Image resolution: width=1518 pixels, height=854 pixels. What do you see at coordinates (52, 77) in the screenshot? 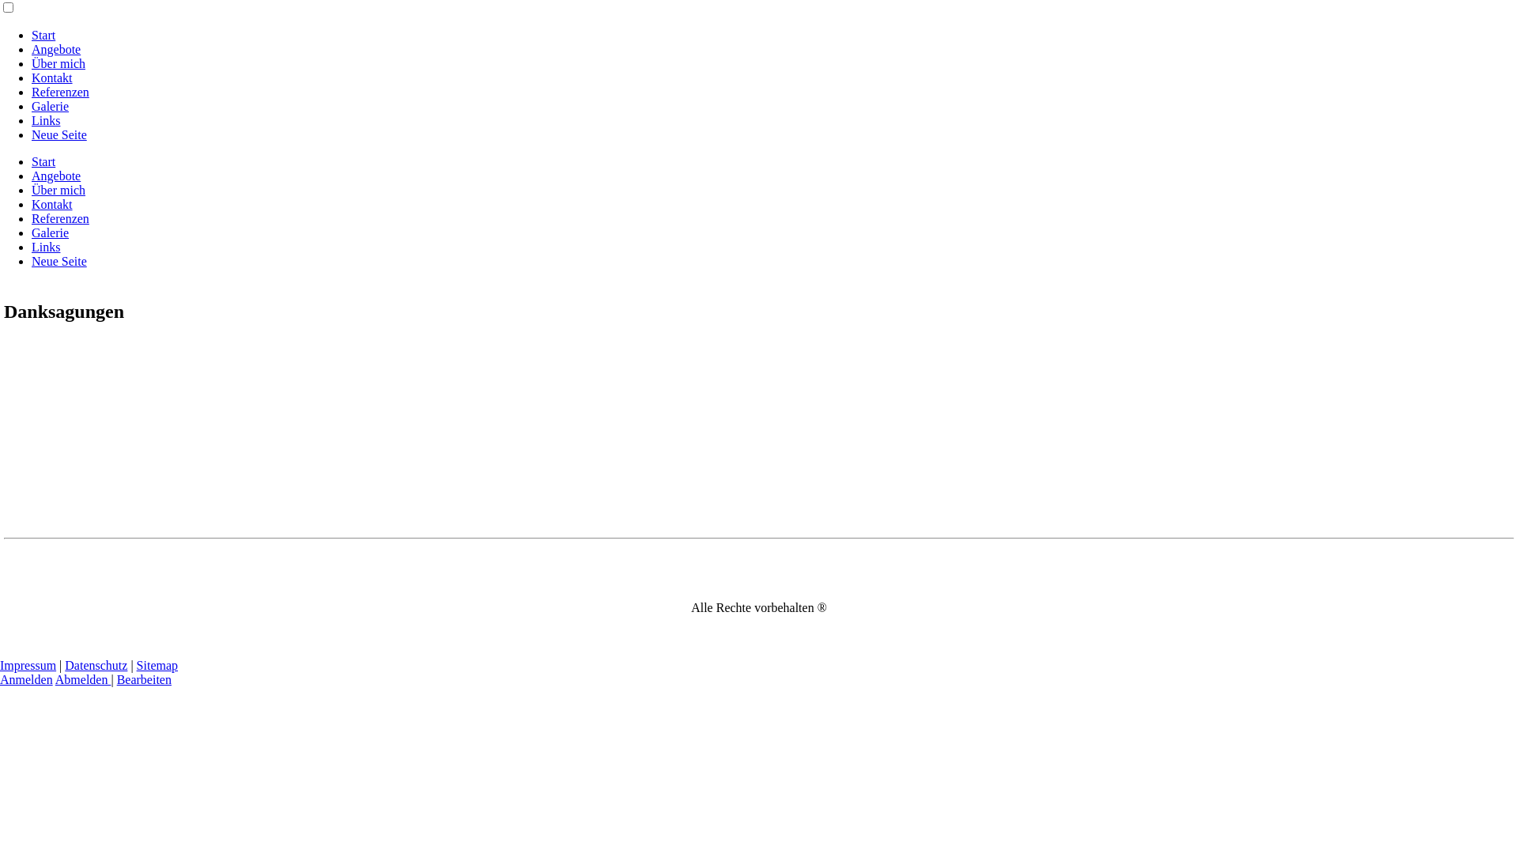
I see `'Kontakt'` at bounding box center [52, 77].